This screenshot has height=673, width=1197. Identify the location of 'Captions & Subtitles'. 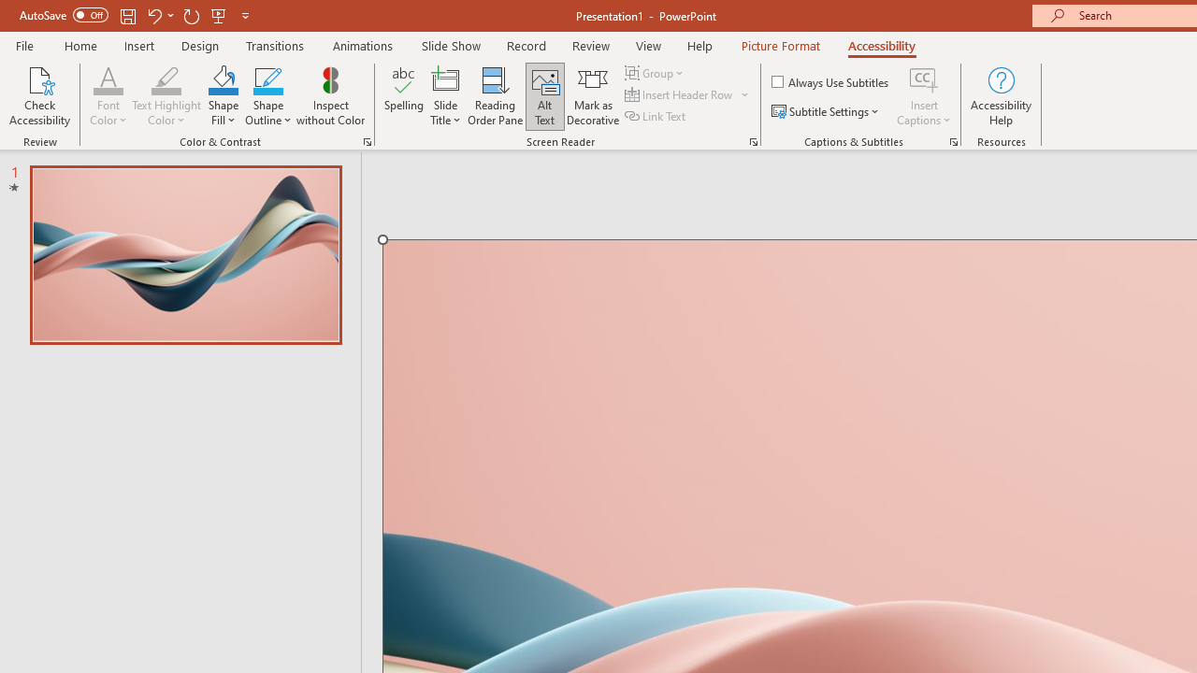
(954, 140).